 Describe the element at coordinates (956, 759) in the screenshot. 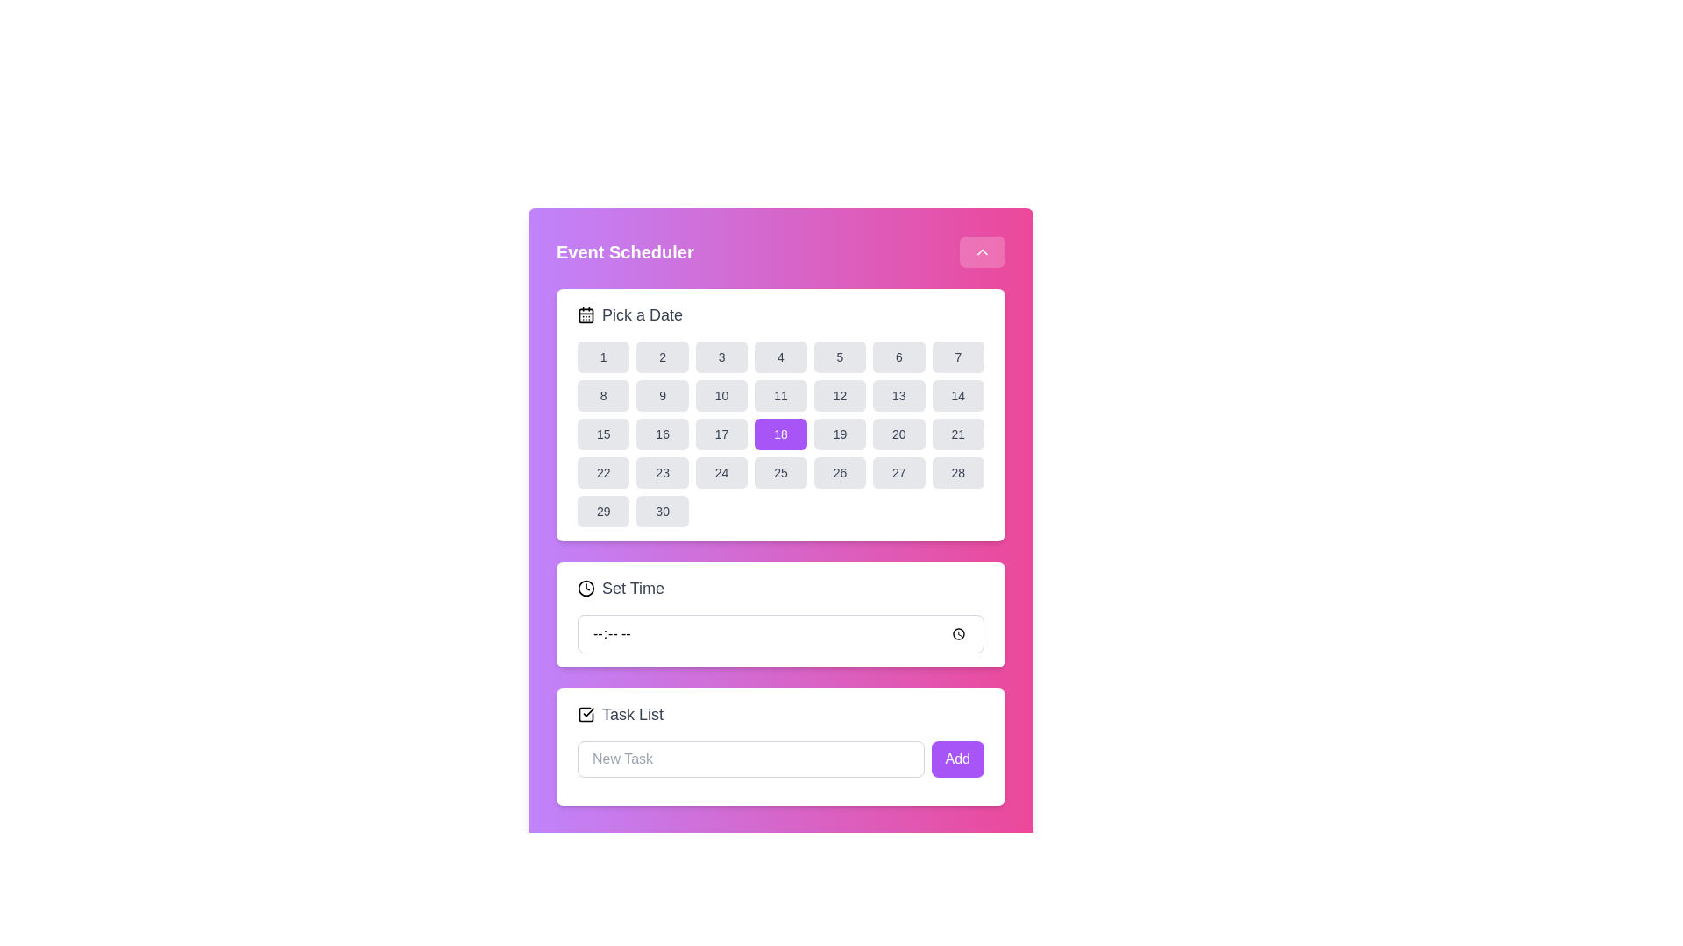

I see `the vivid purple 'Add' button with white text located in the 'Task List' section` at that location.